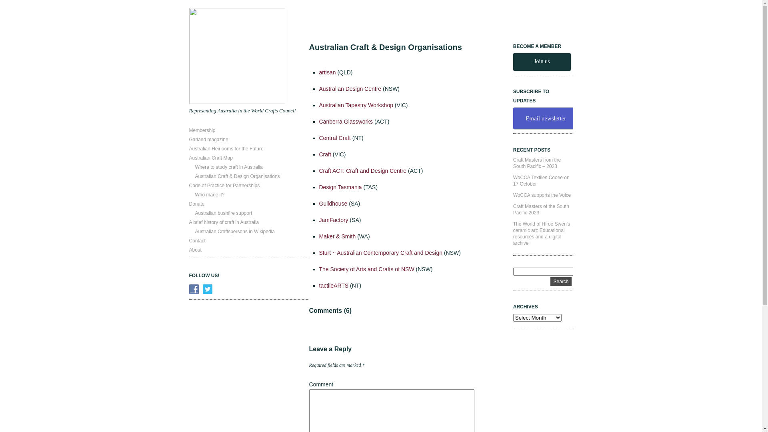 This screenshot has height=432, width=768. I want to click on 'artisan', so click(328, 72).